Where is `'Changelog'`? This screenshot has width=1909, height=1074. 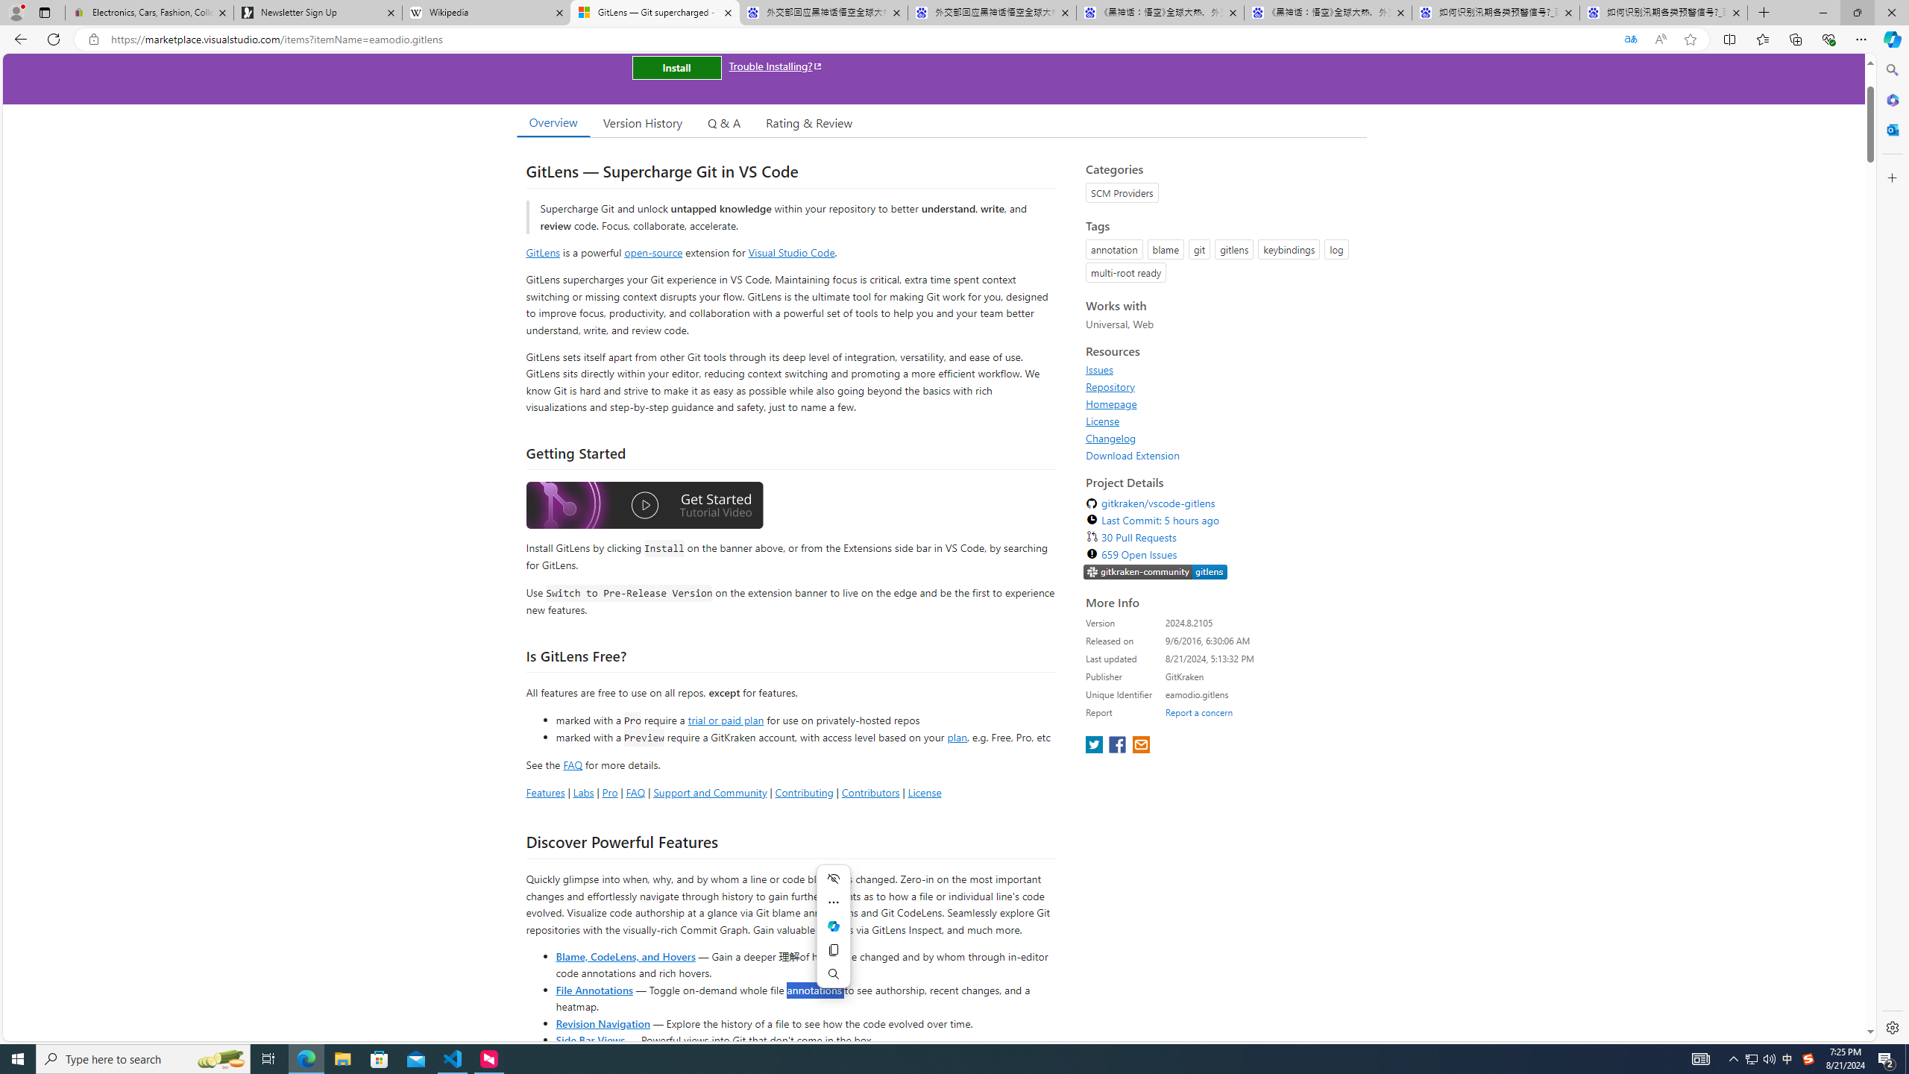 'Changelog' is located at coordinates (1110, 437).